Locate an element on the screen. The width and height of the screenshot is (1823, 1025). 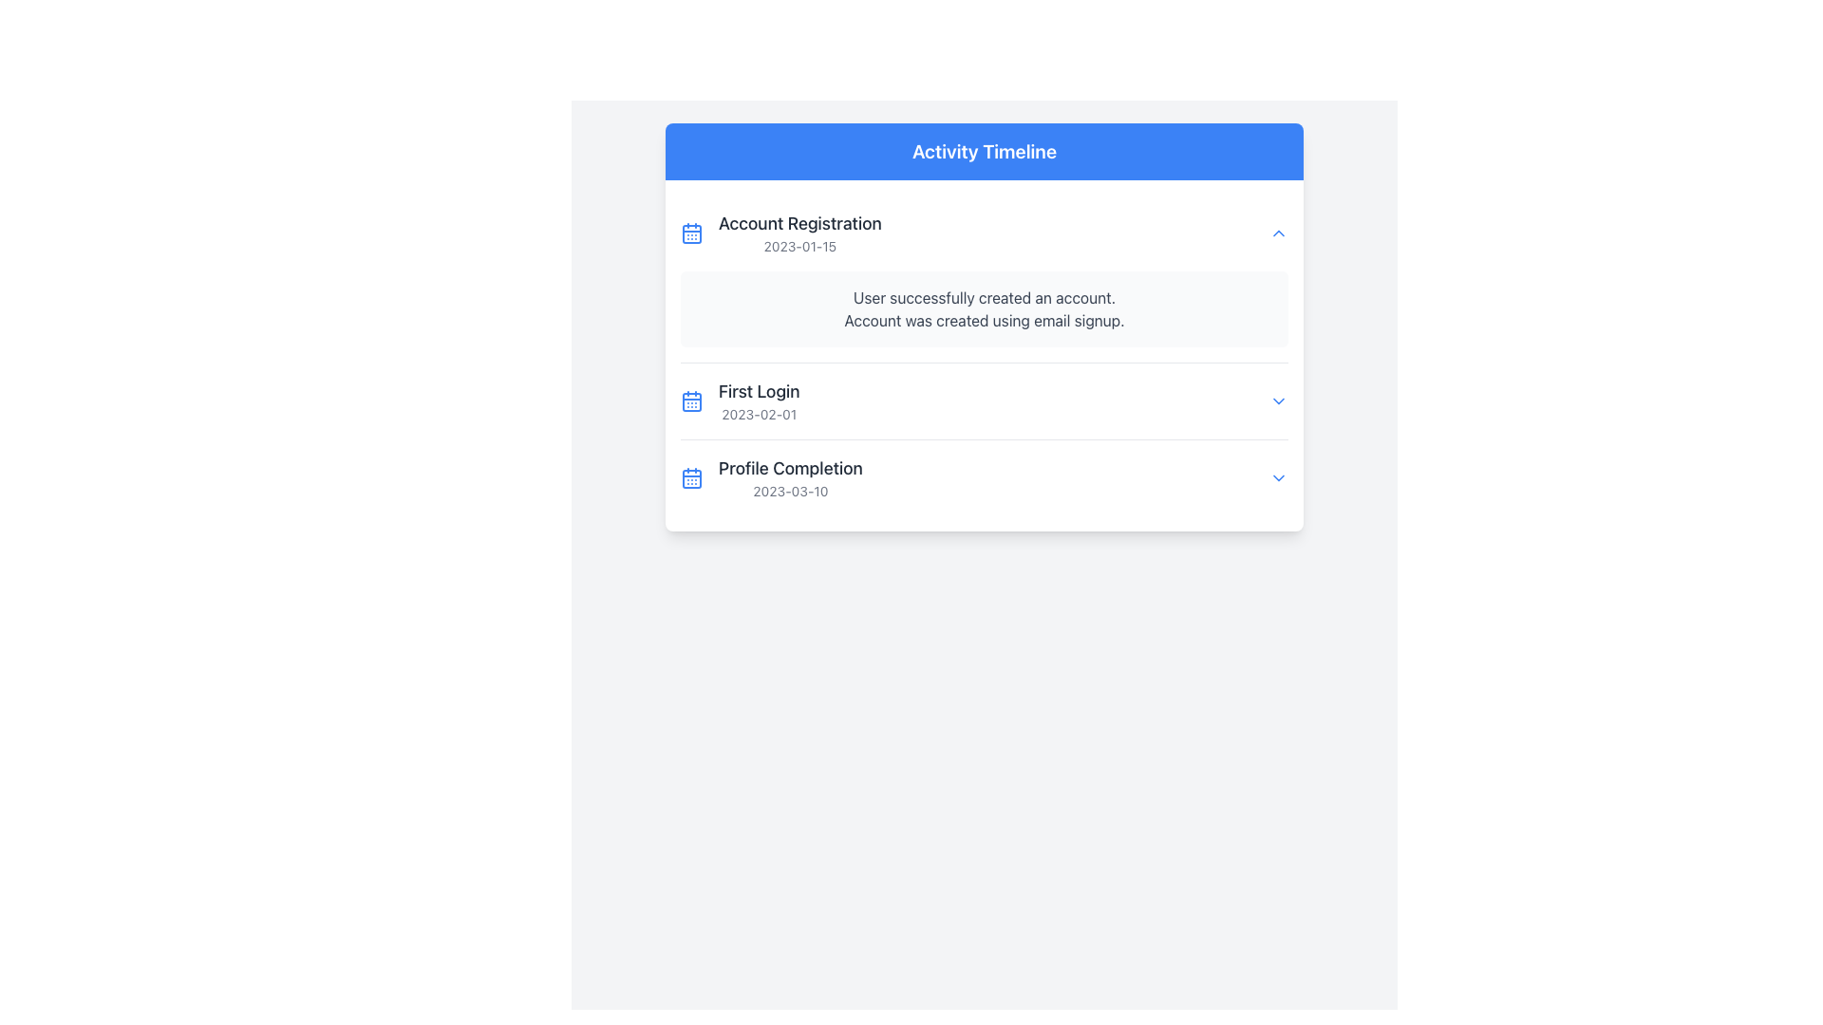
text content of the small gray text label displaying the date '2023-03-10' located below the 'Profile Completion' title in the timeline entry is located at coordinates (790, 490).